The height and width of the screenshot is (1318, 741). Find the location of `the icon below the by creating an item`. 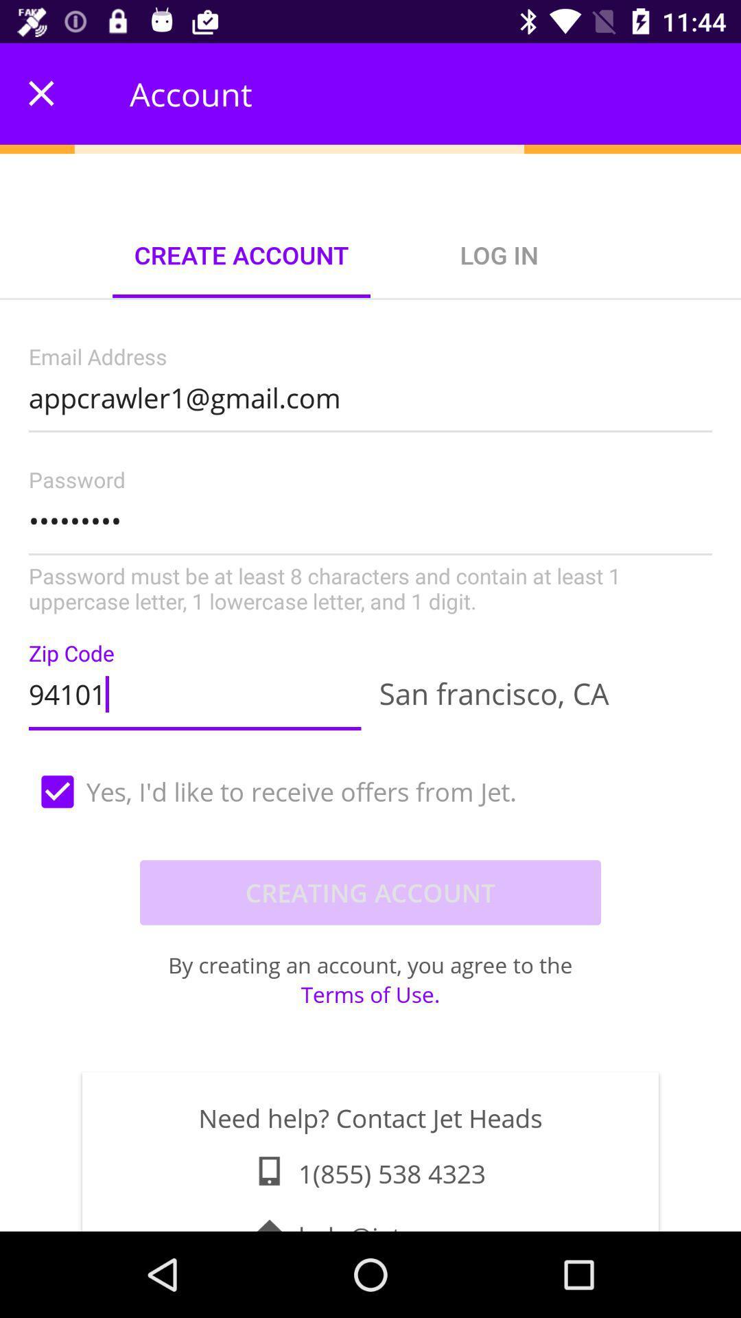

the icon below the by creating an item is located at coordinates (370, 994).